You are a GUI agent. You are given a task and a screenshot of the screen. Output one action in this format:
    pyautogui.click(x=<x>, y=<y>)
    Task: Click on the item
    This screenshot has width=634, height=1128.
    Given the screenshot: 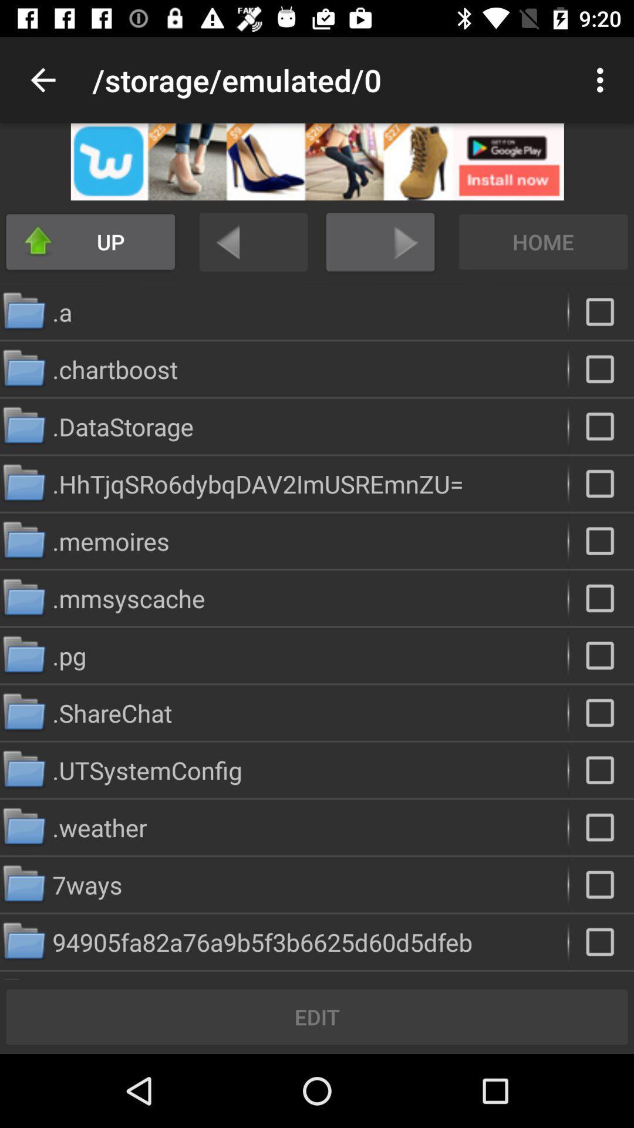 What is the action you would take?
    pyautogui.click(x=601, y=598)
    